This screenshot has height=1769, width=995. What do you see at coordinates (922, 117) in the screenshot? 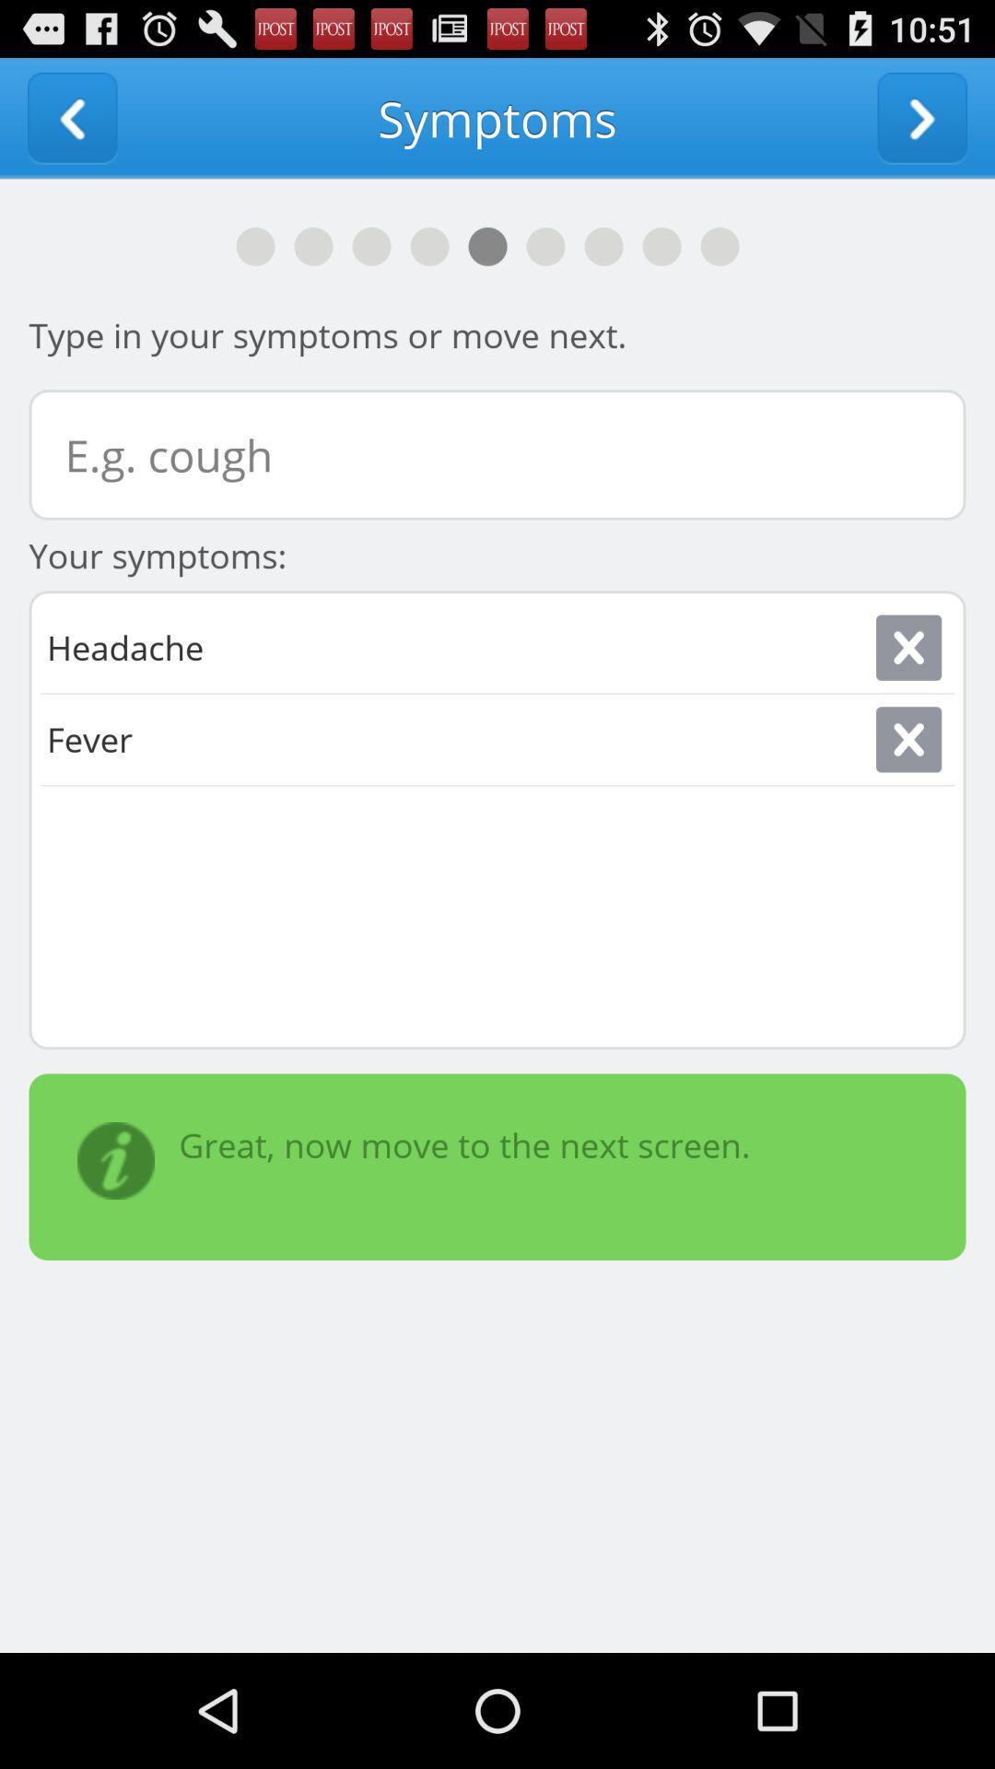
I see `next option` at bounding box center [922, 117].